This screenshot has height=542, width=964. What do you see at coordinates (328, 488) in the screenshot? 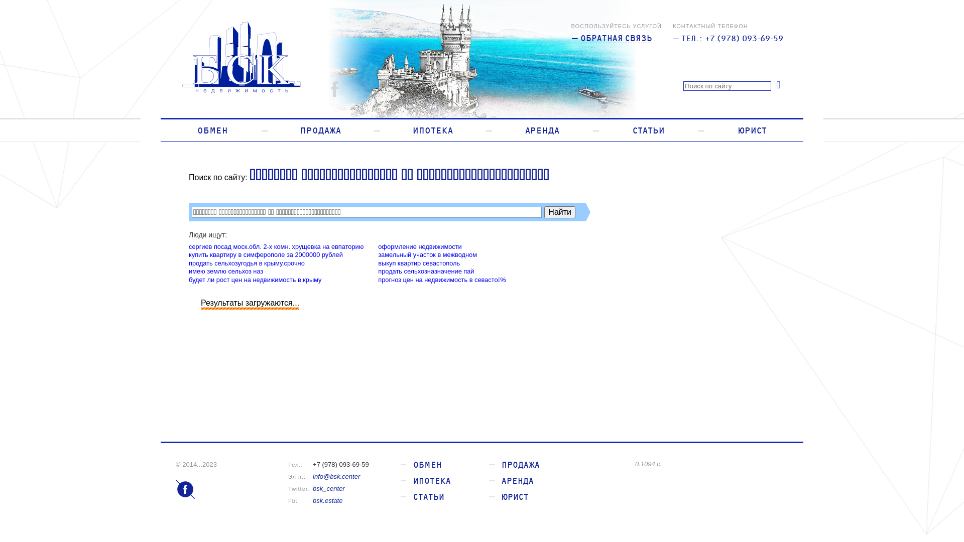
I see `'bsk_center'` at bounding box center [328, 488].